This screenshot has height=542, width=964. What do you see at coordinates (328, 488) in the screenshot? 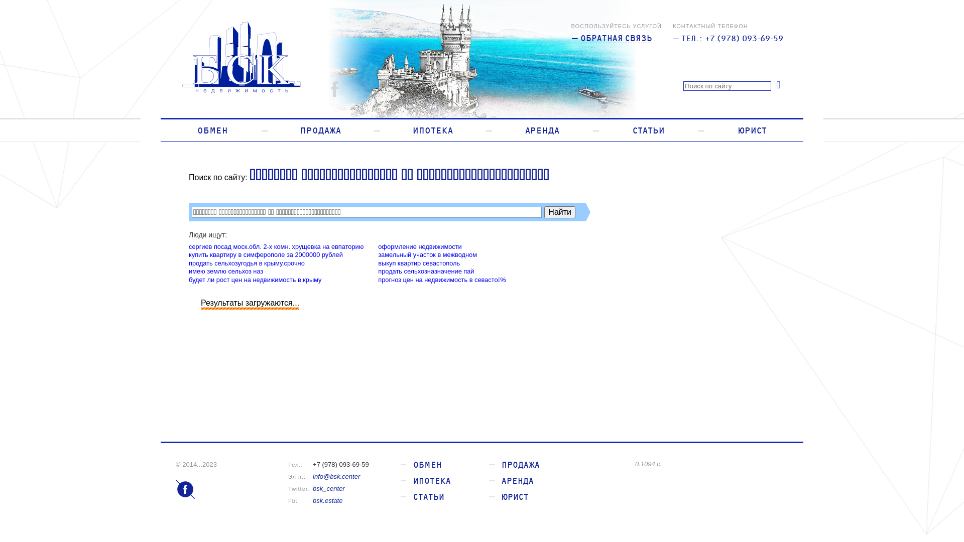
I see `'bsk_center'` at bounding box center [328, 488].